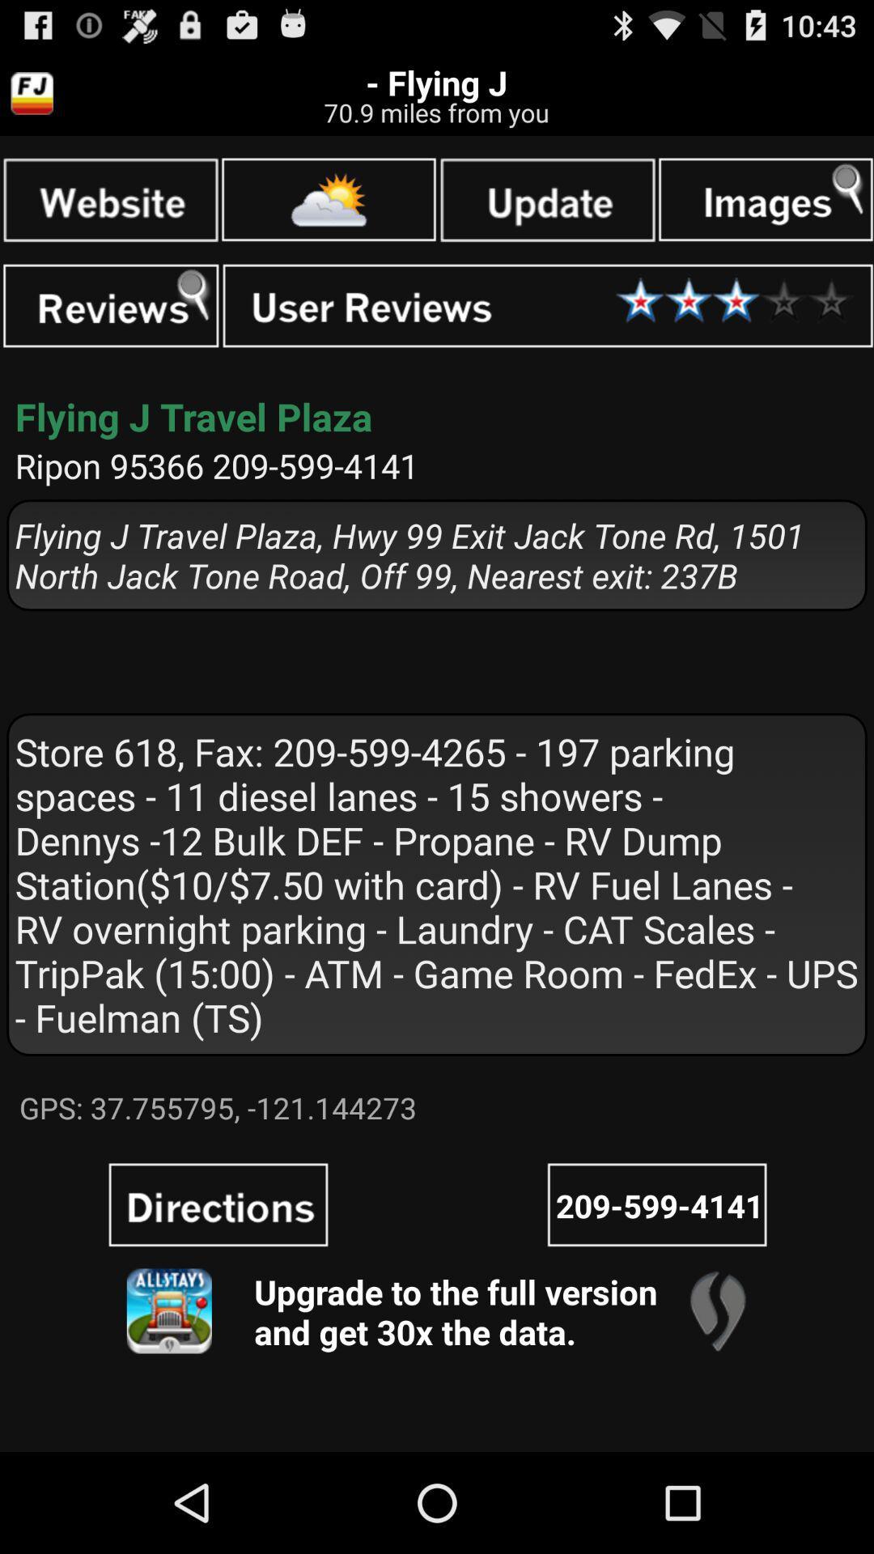 This screenshot has height=1554, width=874. I want to click on it was ok, so click(547, 306).